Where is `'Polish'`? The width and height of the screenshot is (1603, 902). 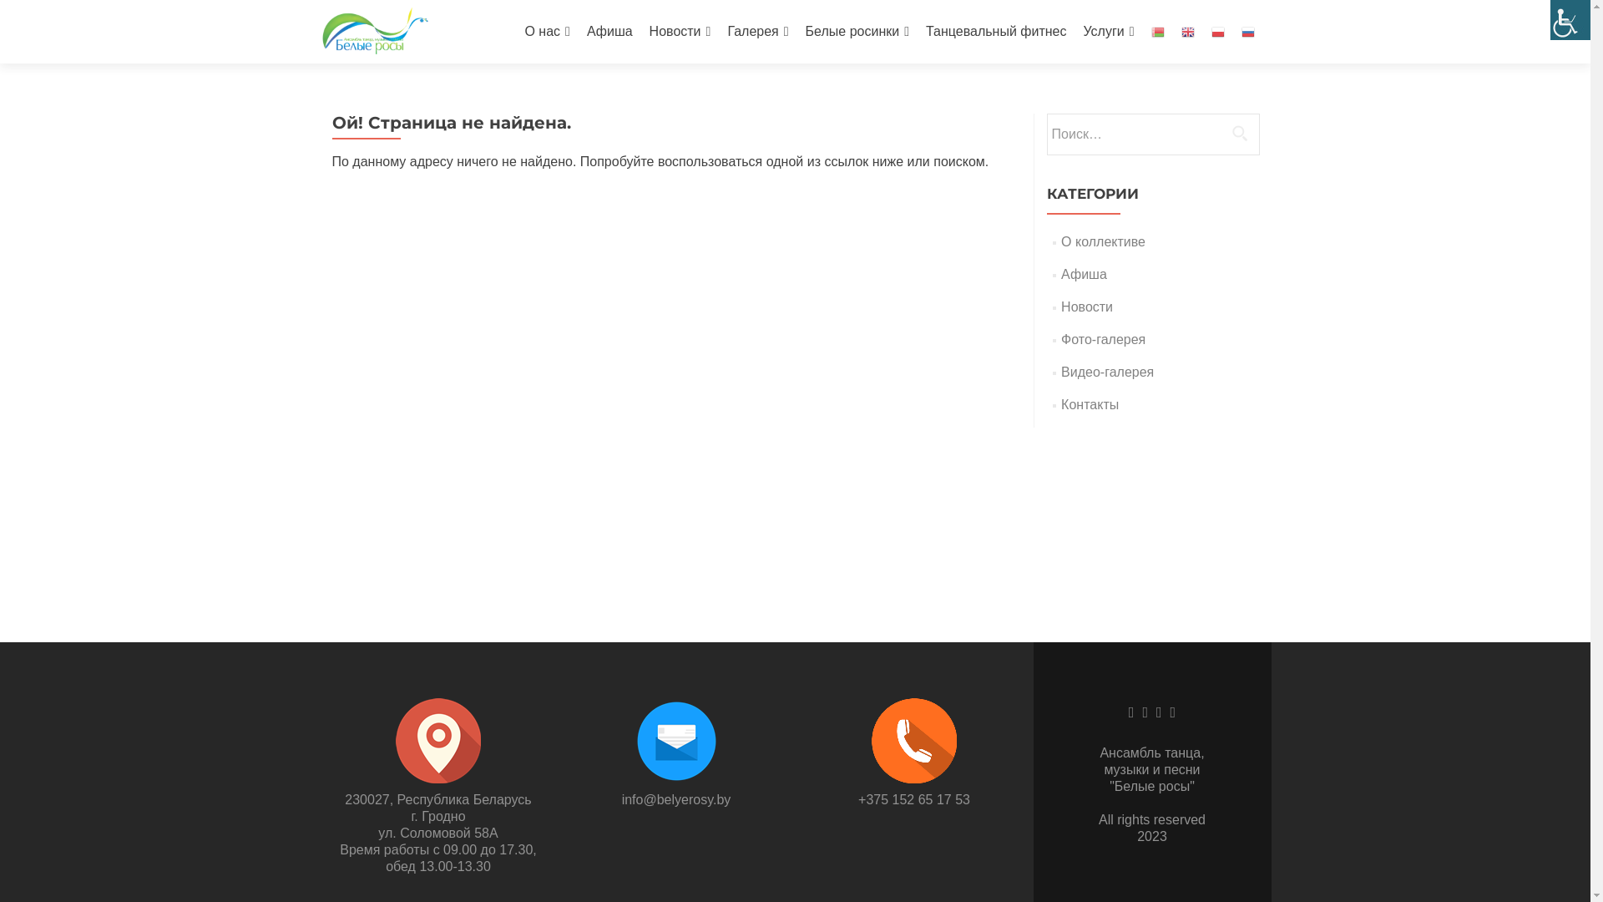 'Polish' is located at coordinates (1217, 31).